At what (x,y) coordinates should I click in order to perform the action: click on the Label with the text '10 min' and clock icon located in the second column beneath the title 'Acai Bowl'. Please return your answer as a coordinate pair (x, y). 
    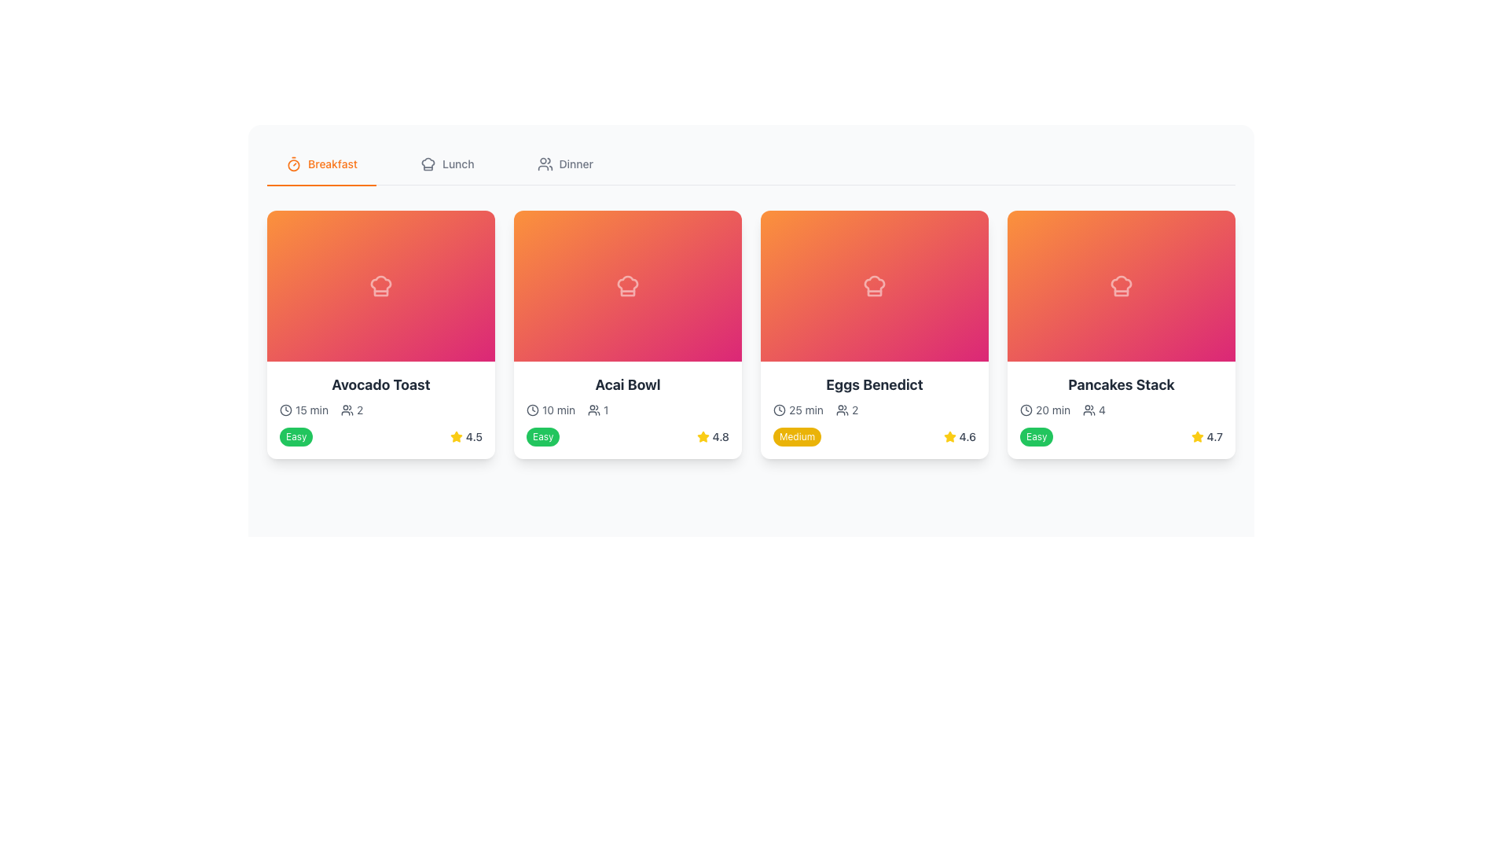
    Looking at the image, I should click on (551, 409).